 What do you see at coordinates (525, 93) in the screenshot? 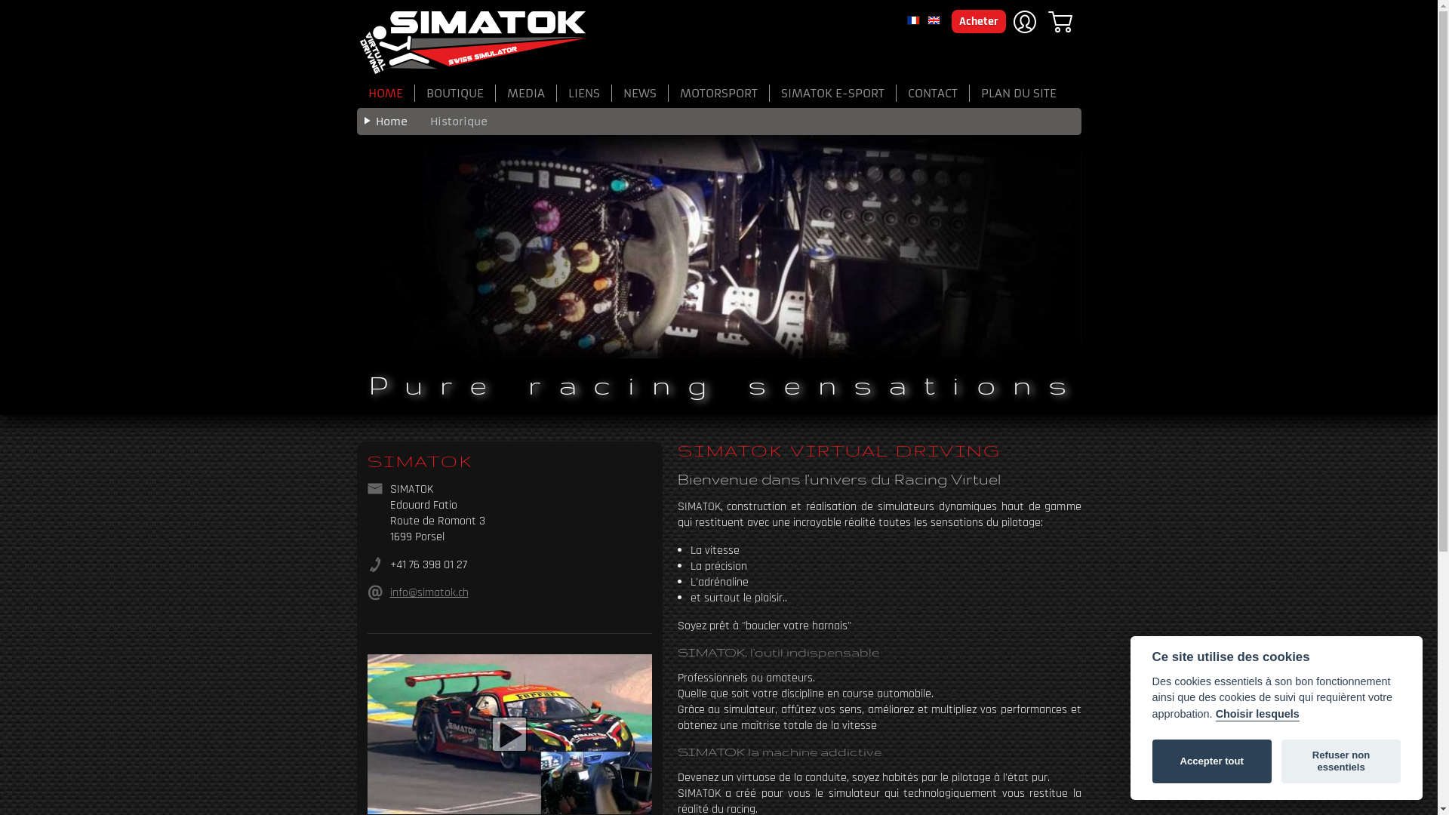
I see `'MEDIA'` at bounding box center [525, 93].